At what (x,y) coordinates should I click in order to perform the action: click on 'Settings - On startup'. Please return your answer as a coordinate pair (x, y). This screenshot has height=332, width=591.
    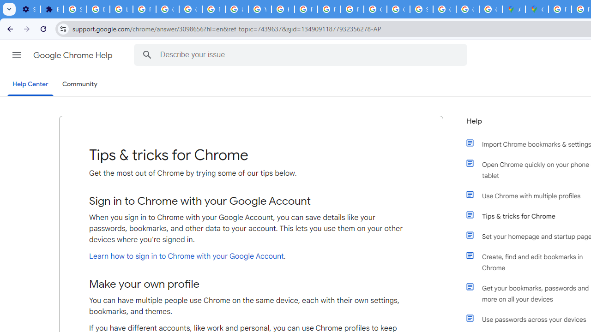
    Looking at the image, I should click on (29, 9).